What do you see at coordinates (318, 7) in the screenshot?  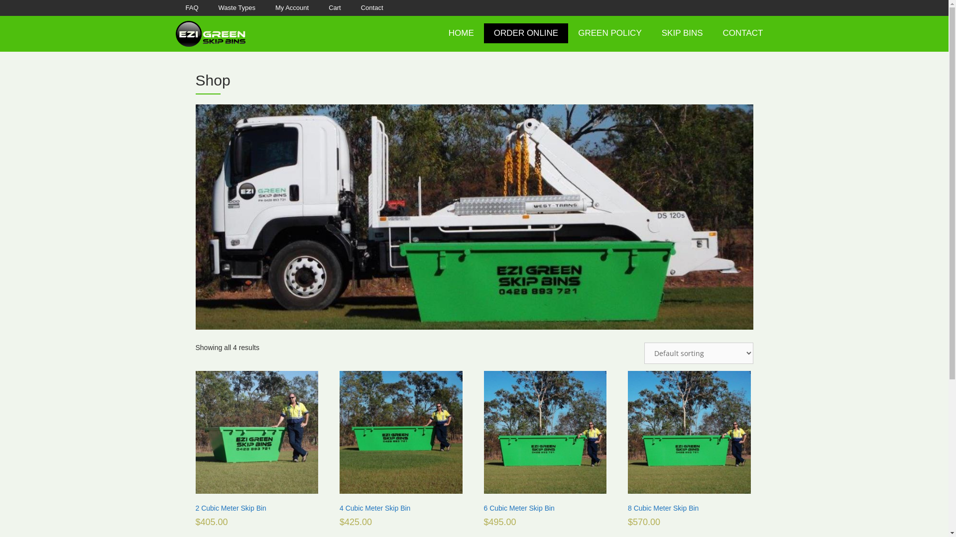 I see `'Cart'` at bounding box center [318, 7].